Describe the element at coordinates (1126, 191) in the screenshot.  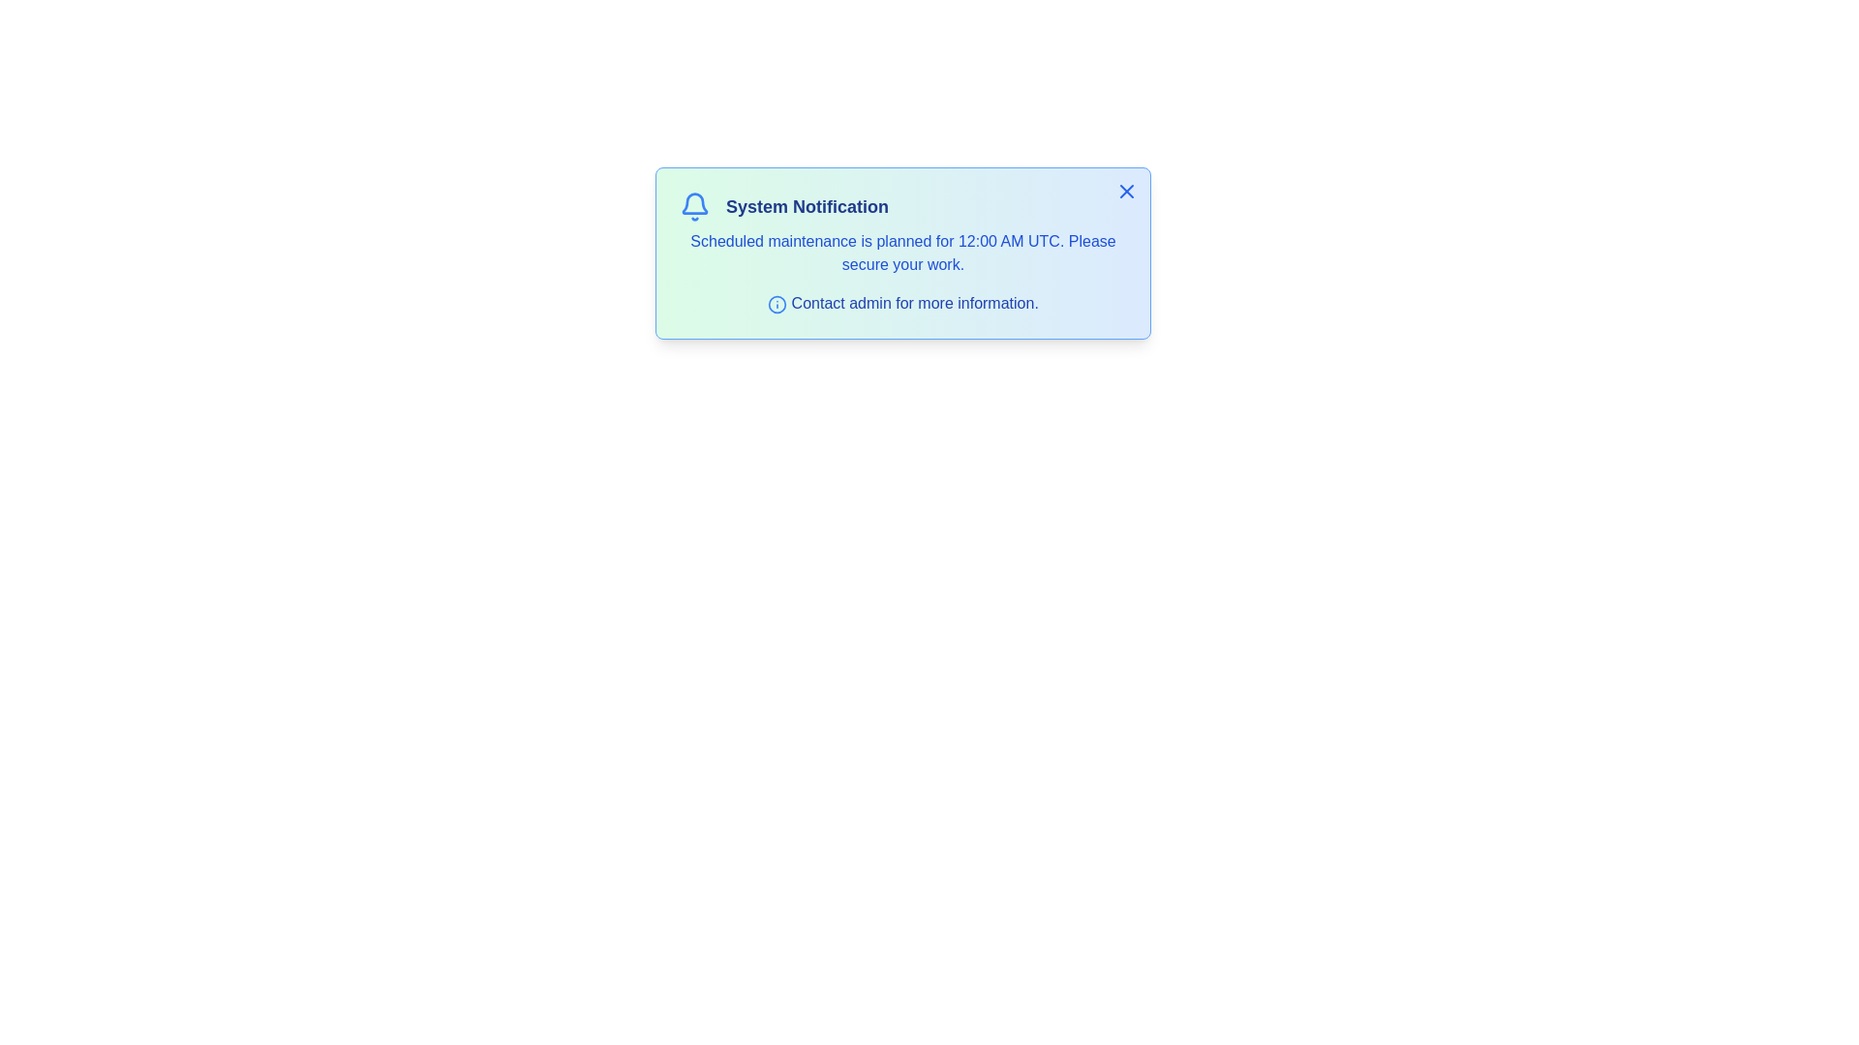
I see `close button in the top-right corner of the alert to close it` at that location.